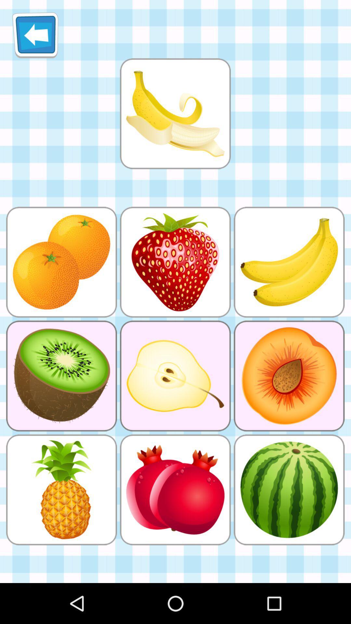 The image size is (351, 624). What do you see at coordinates (175, 113) in the screenshot?
I see `select picture` at bounding box center [175, 113].